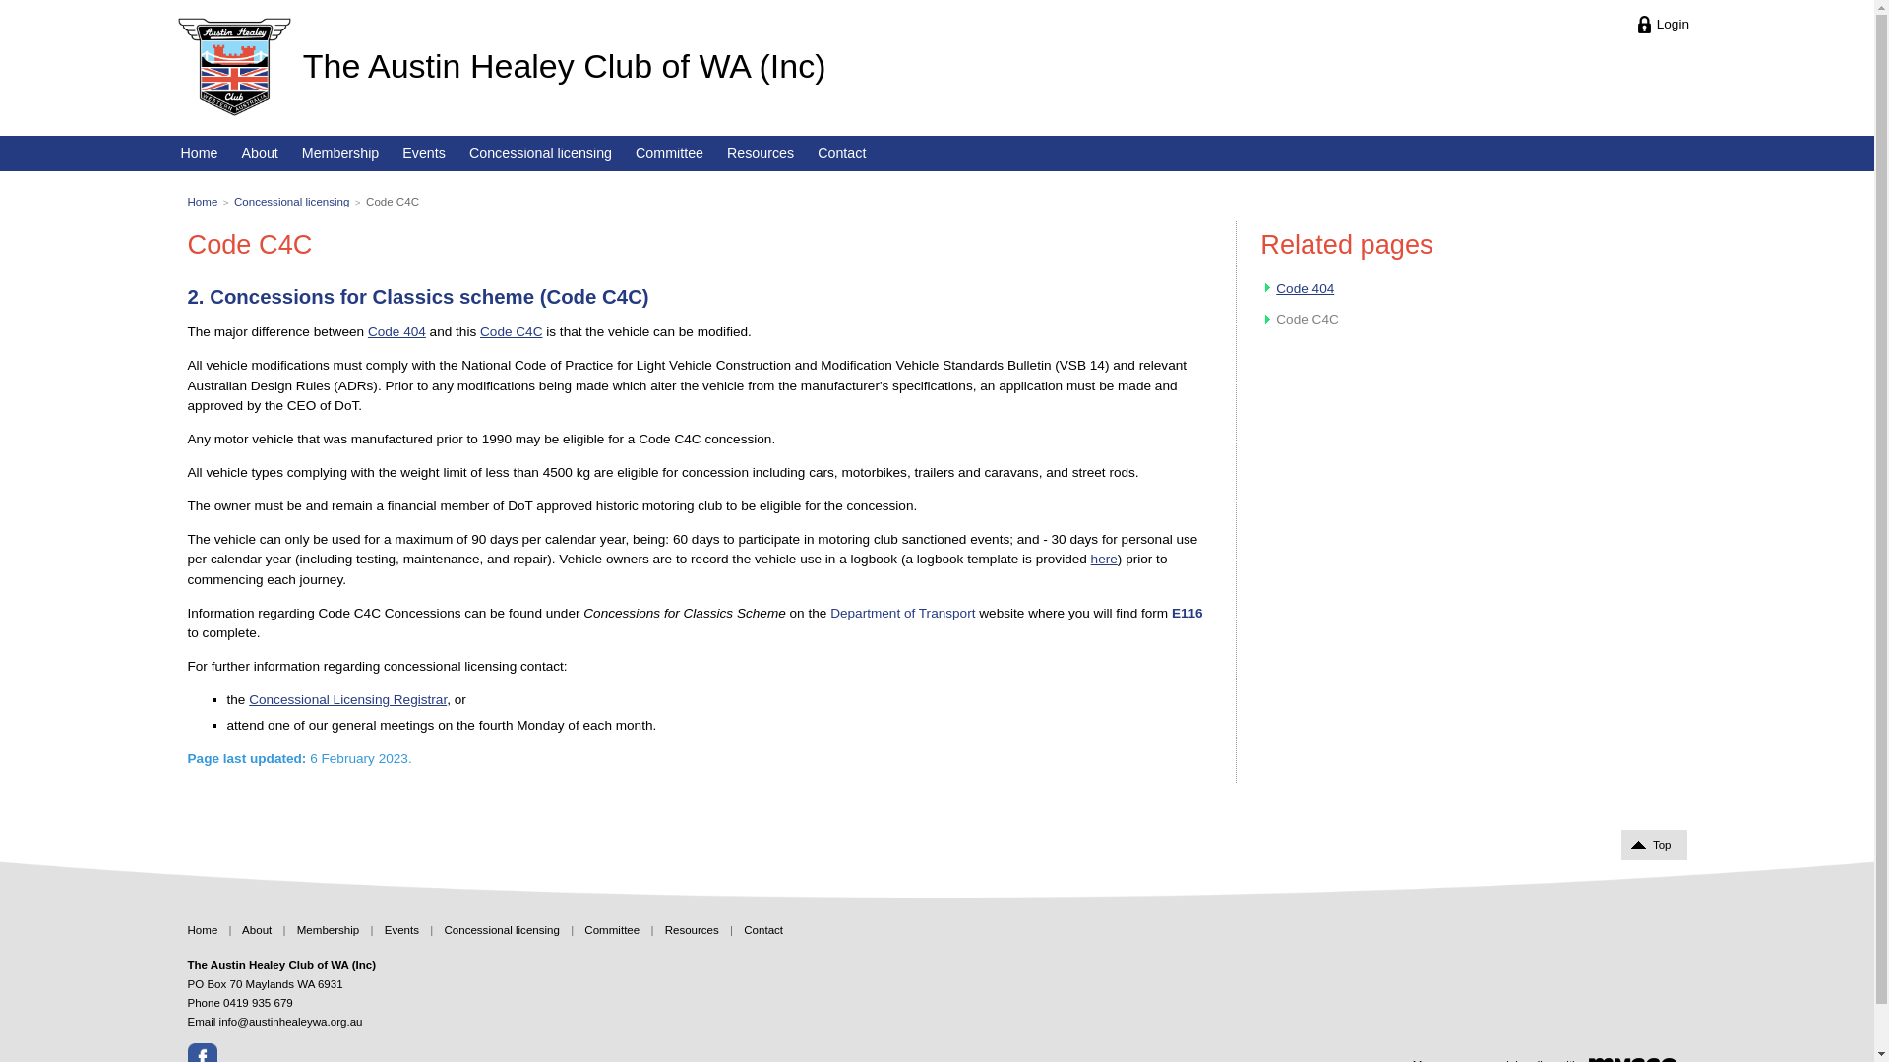 This screenshot has height=1062, width=1889. I want to click on 'Membership', so click(296, 929).